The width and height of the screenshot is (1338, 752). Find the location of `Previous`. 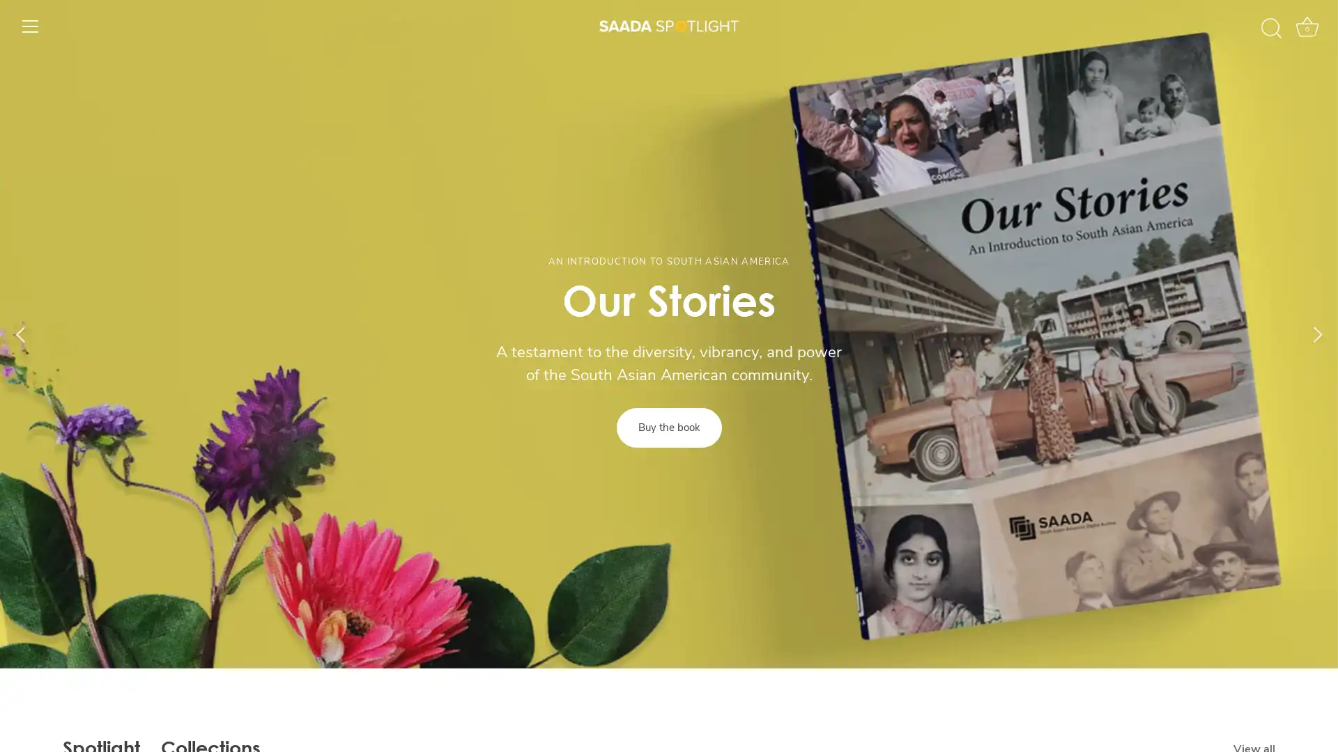

Previous is located at coordinates (20, 334).